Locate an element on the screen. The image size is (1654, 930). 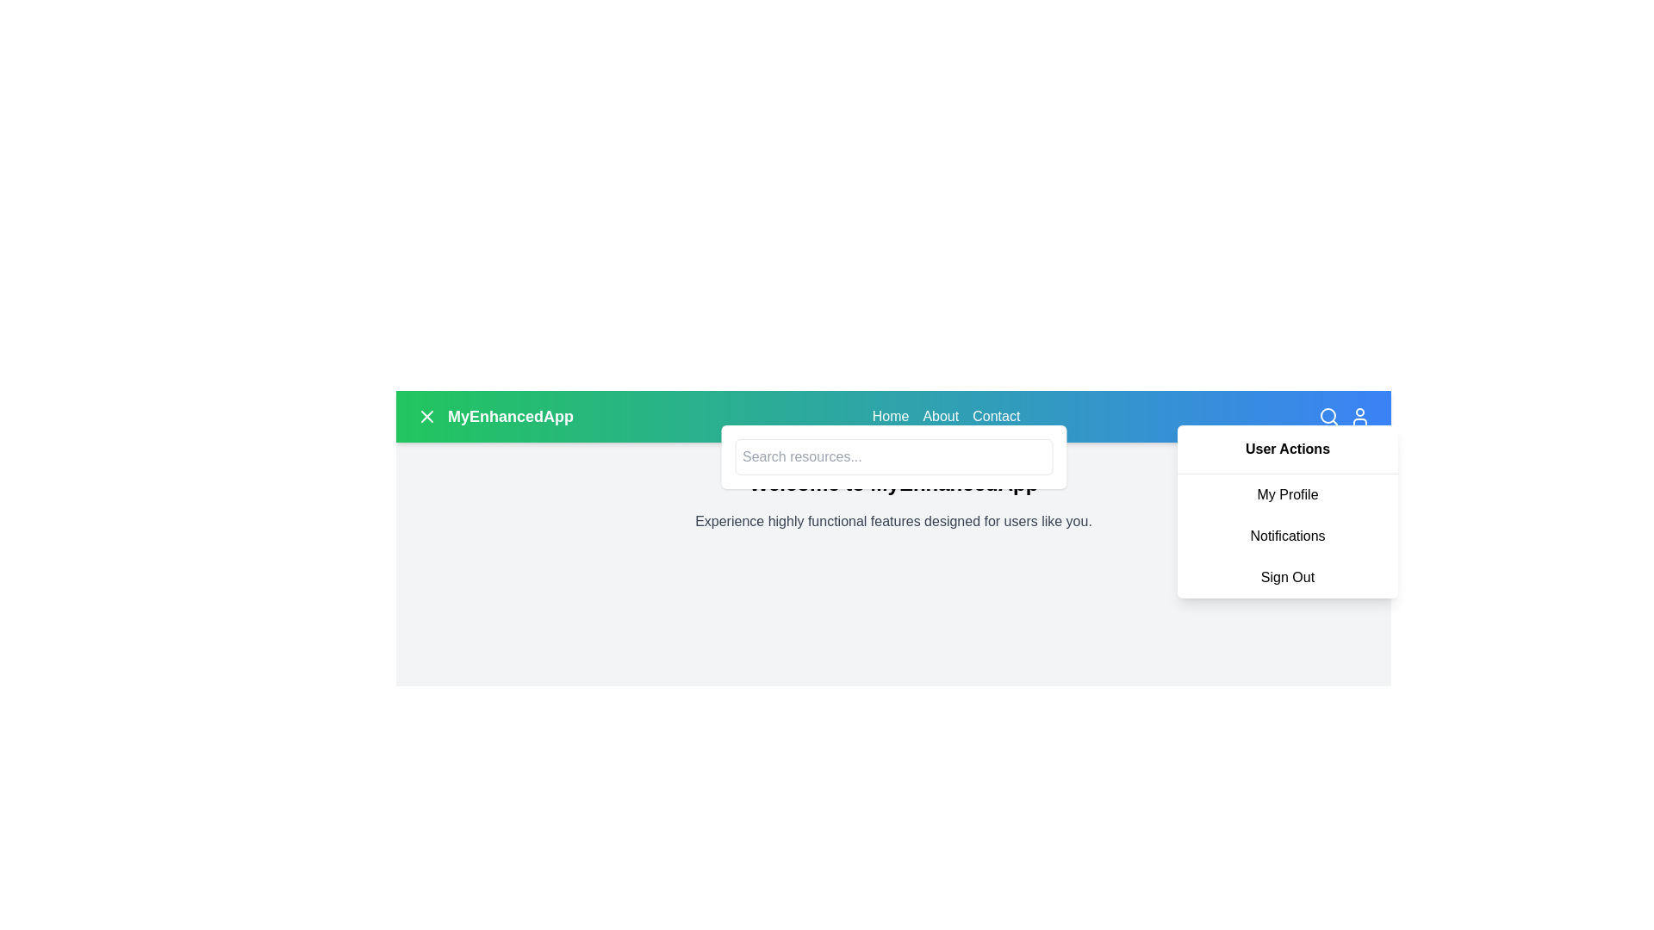
the user profile icon button located at the far right of the top navigation bar is located at coordinates (1359, 416).